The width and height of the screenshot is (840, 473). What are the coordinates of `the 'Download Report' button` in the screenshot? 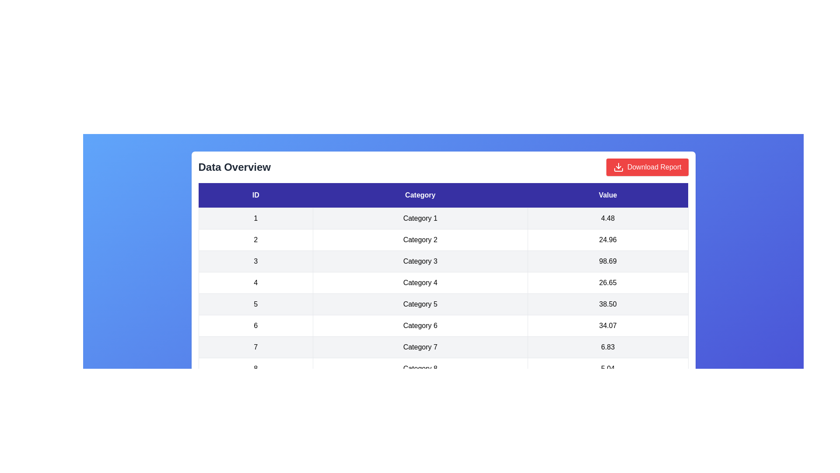 It's located at (647, 167).